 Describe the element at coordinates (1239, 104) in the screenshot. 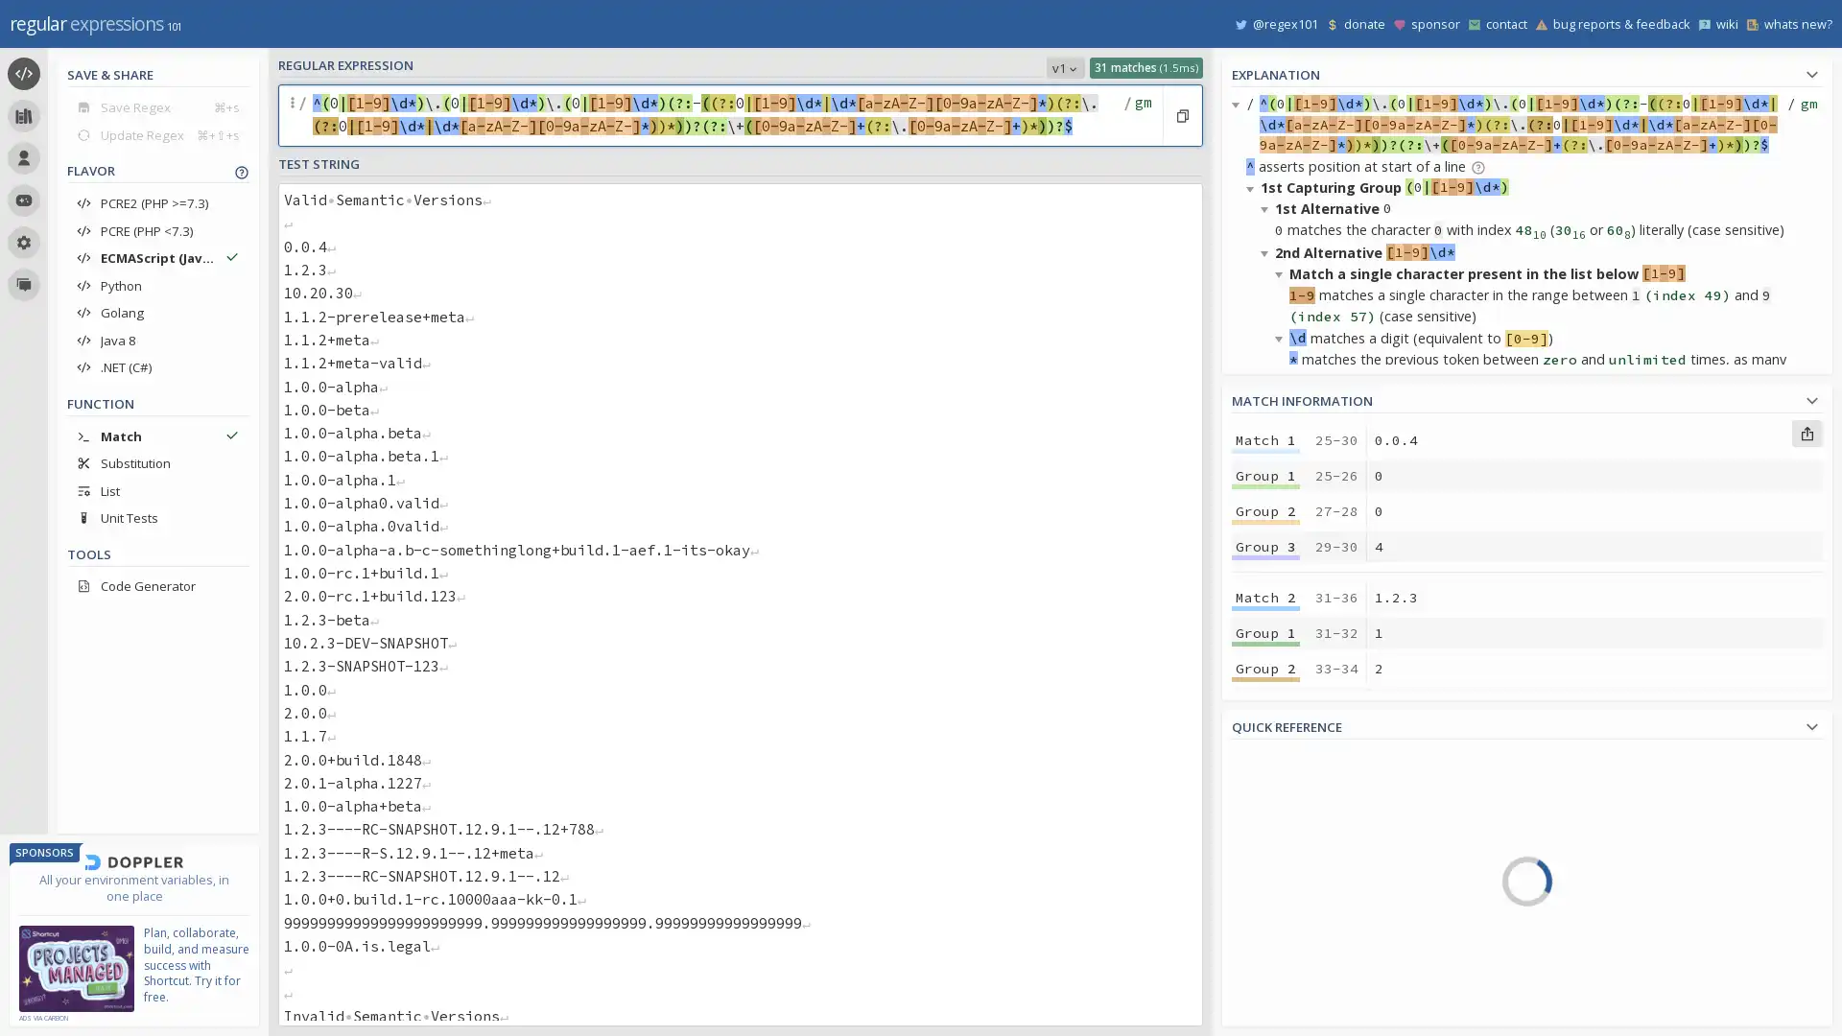

I see `Collapse Subtree` at that location.